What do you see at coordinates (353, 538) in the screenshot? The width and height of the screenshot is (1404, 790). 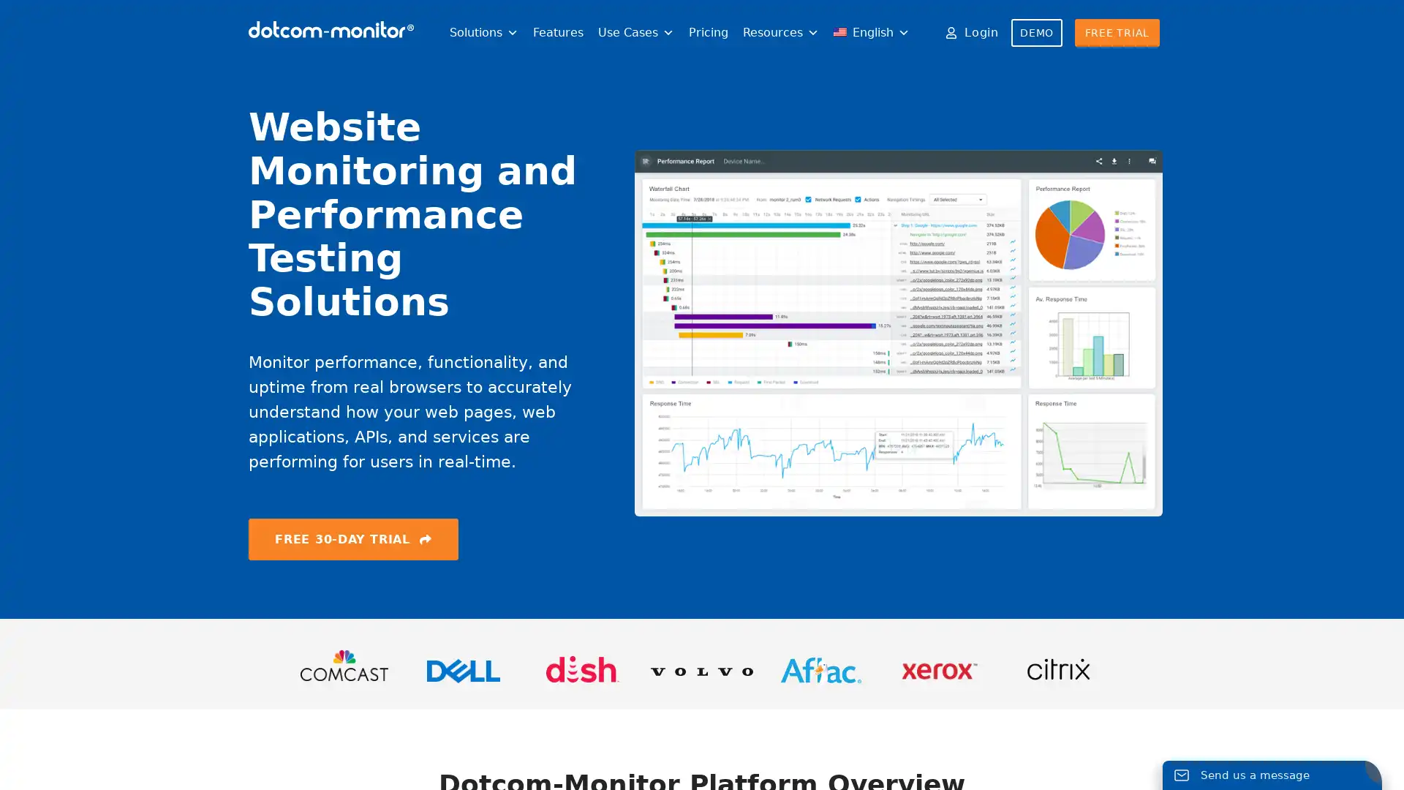 I see `FREE 30-DAY TRIAL` at bounding box center [353, 538].